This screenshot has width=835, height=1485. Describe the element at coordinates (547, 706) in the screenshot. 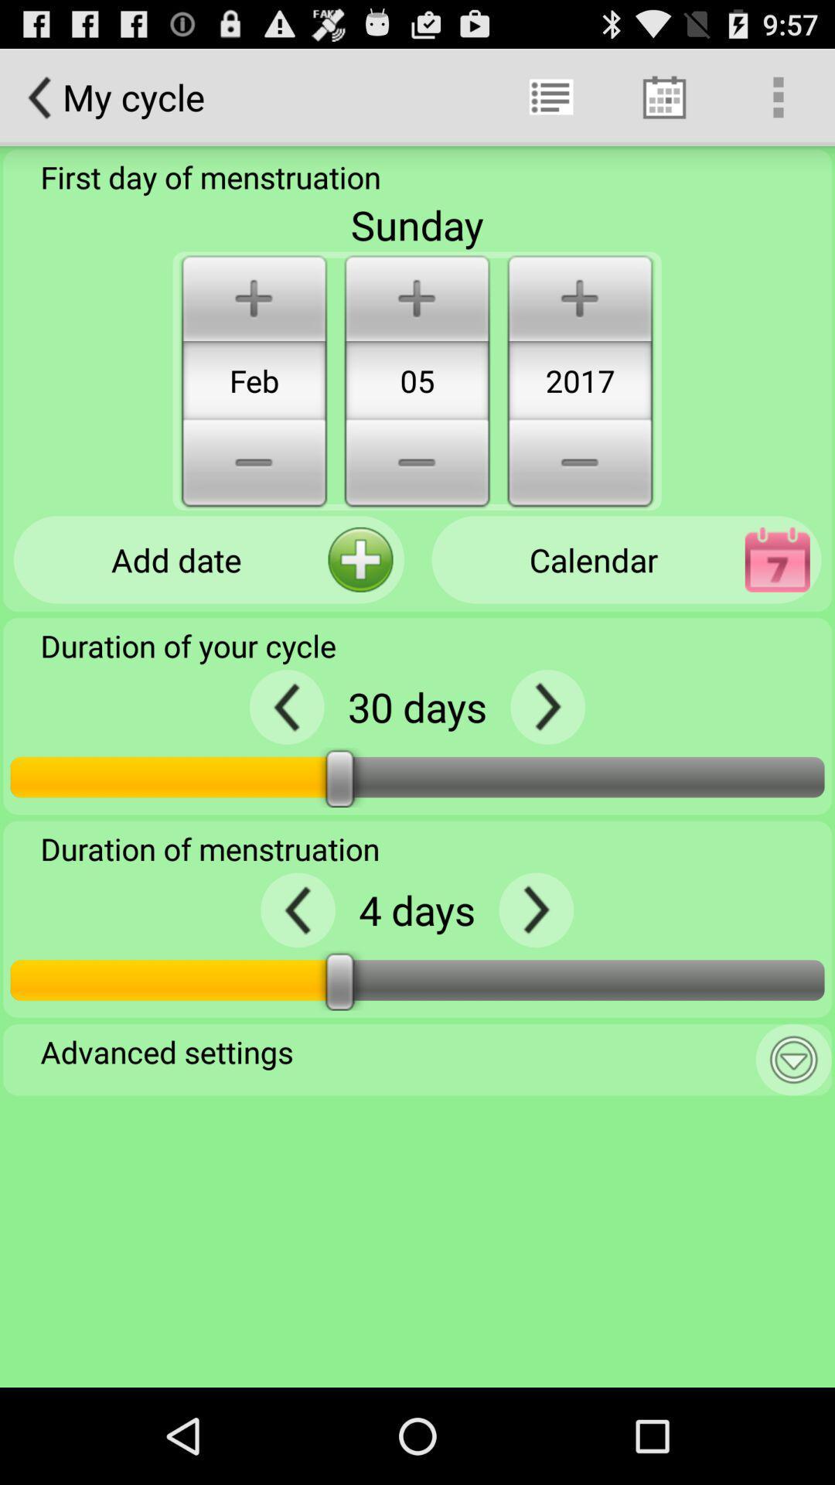

I see `the button is used to go to next option` at that location.